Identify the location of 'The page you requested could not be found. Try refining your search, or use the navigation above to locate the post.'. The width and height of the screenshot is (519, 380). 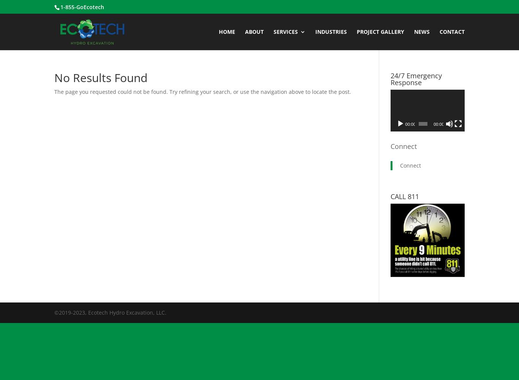
(203, 91).